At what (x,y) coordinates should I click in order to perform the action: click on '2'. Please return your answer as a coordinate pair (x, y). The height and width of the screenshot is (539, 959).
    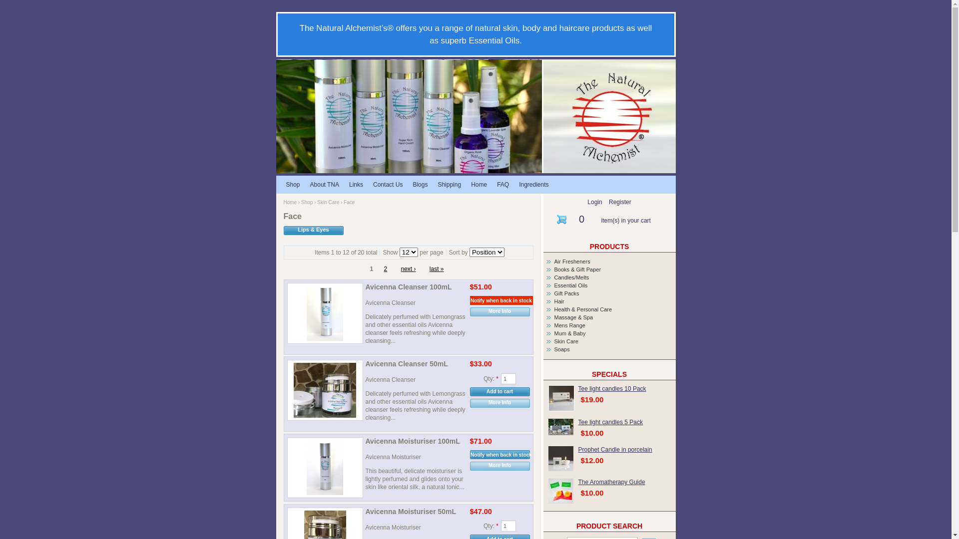
    Looking at the image, I should click on (385, 269).